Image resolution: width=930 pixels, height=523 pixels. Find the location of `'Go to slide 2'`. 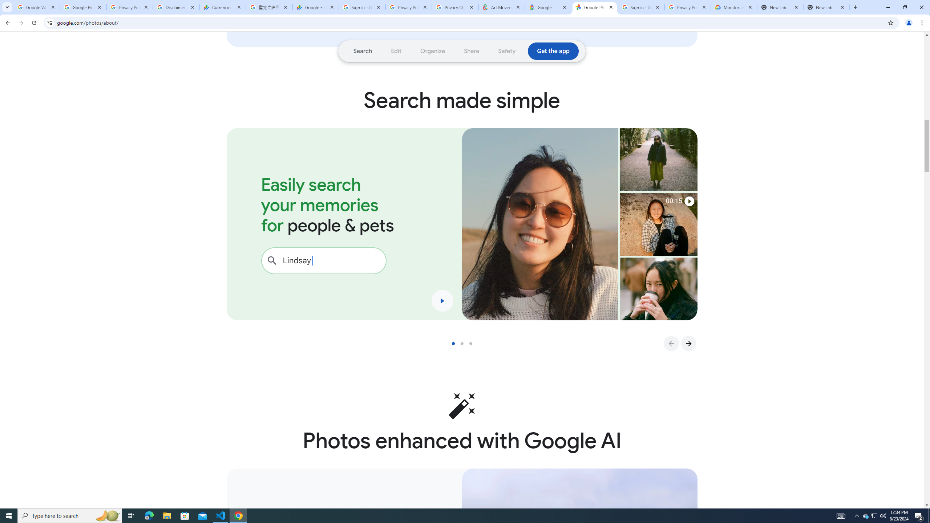

'Go to slide 2' is located at coordinates (465, 343).